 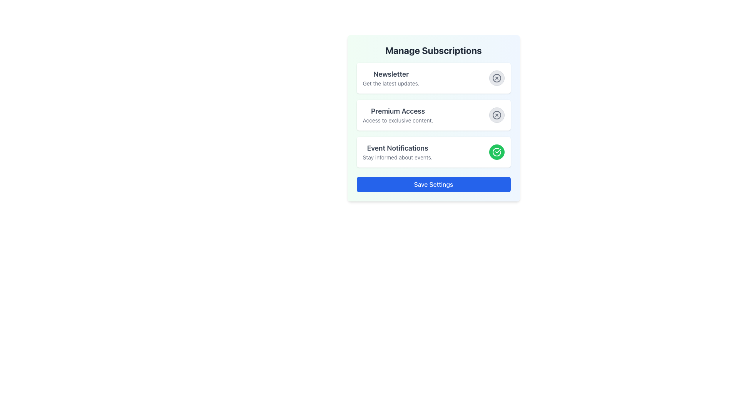 I want to click on title and description from the text block located in the third subscription option of the 'Manage Subscriptions' panel, which is positioned below 'Premium Access' and above the 'Save Settings' button, so click(x=398, y=152).